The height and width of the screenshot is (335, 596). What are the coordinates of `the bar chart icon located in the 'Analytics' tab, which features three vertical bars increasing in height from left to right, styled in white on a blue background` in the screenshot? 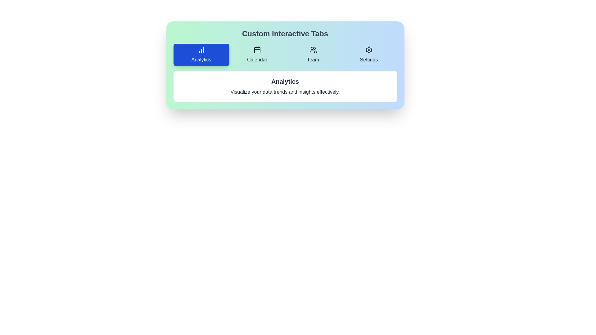 It's located at (201, 50).